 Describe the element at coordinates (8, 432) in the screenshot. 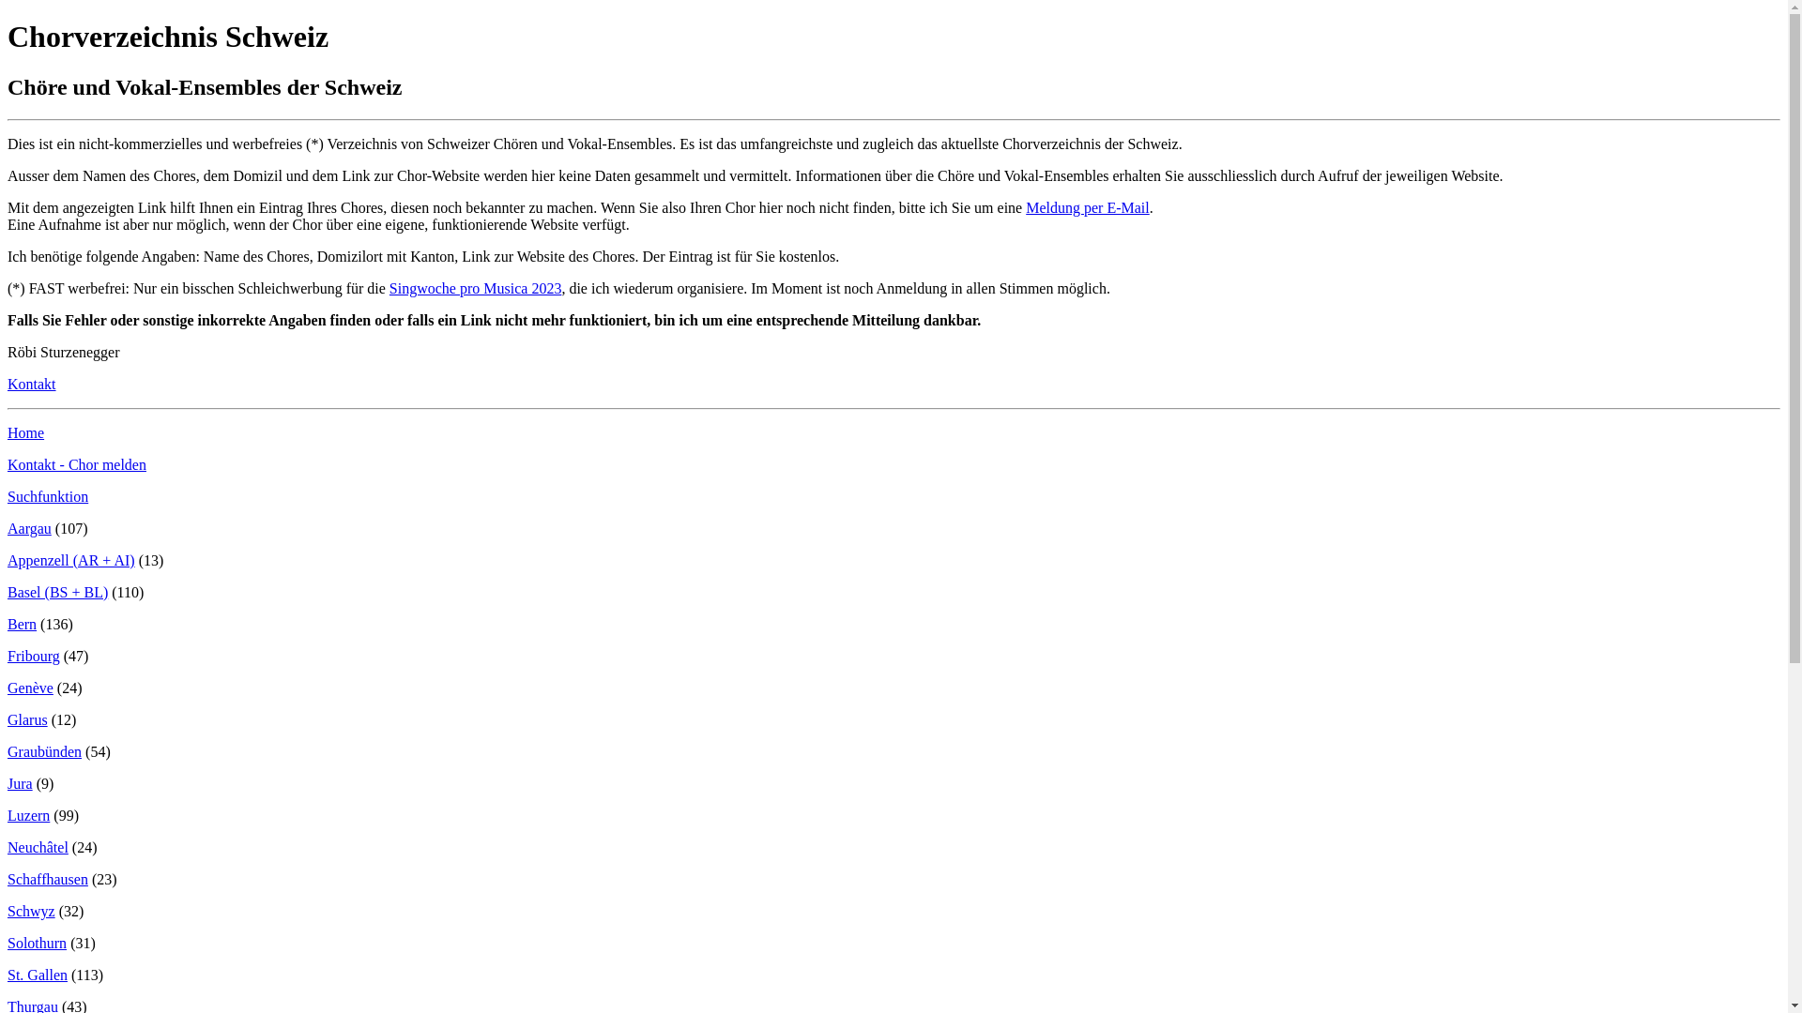

I see `'Home'` at that location.